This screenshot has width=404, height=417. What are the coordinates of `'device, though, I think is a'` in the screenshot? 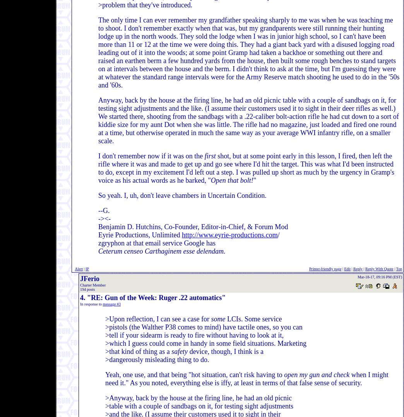 It's located at (225, 352).